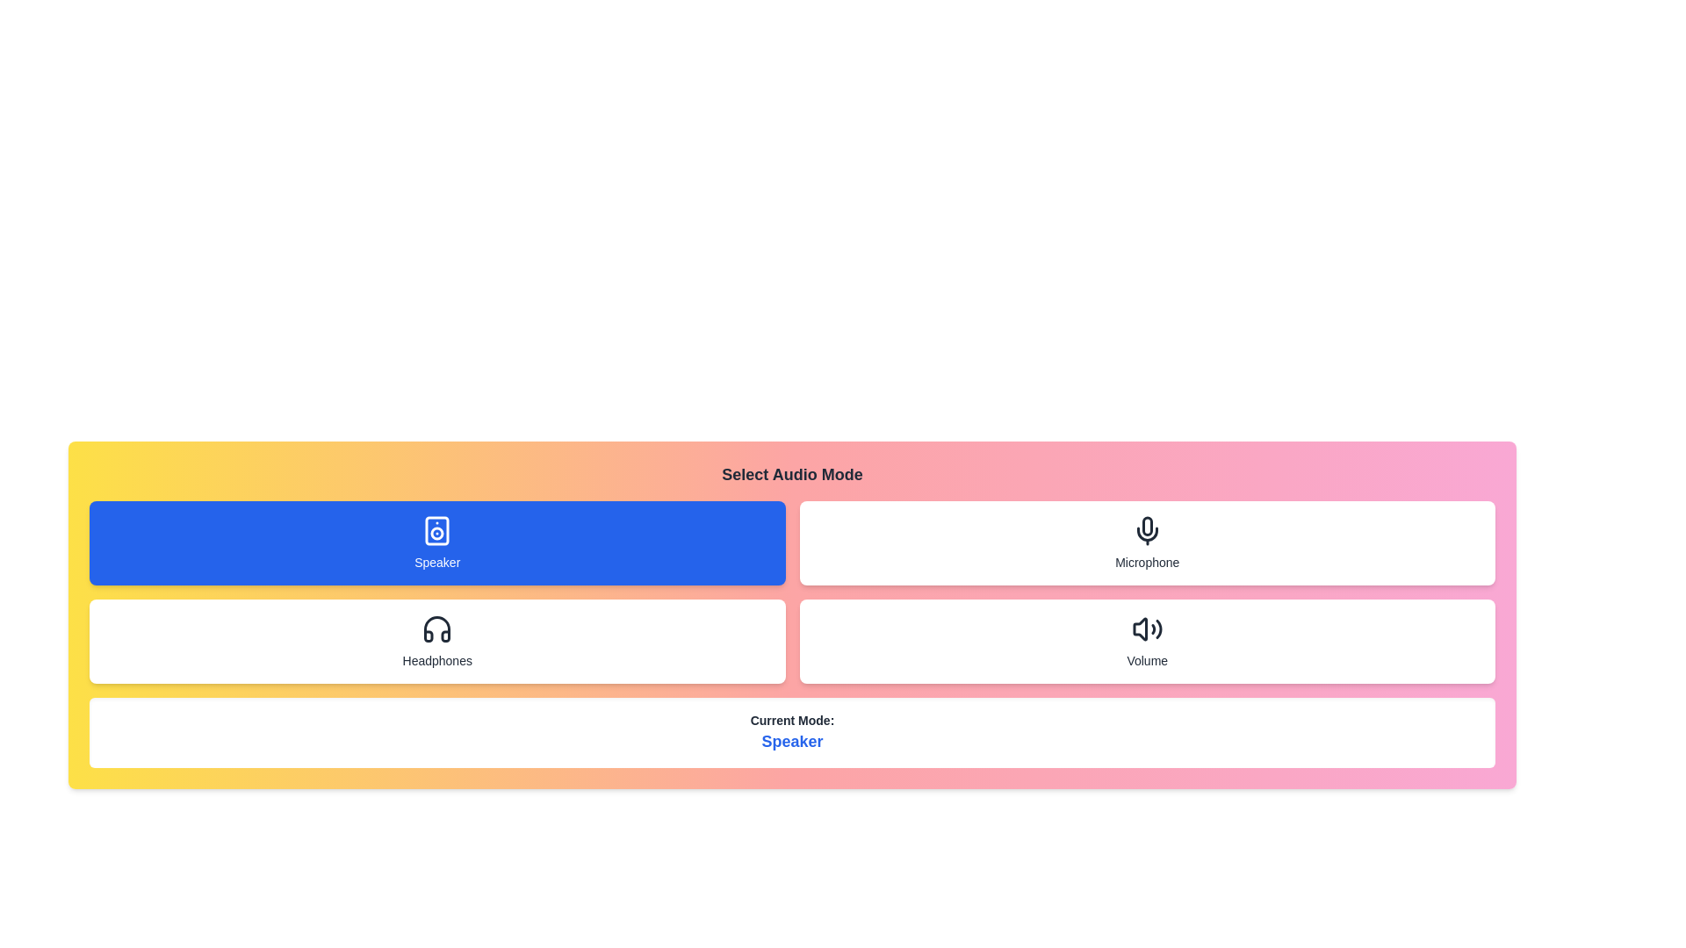 The width and height of the screenshot is (1686, 948). Describe the element at coordinates (437, 642) in the screenshot. I see `the audio mode to Headphones` at that location.